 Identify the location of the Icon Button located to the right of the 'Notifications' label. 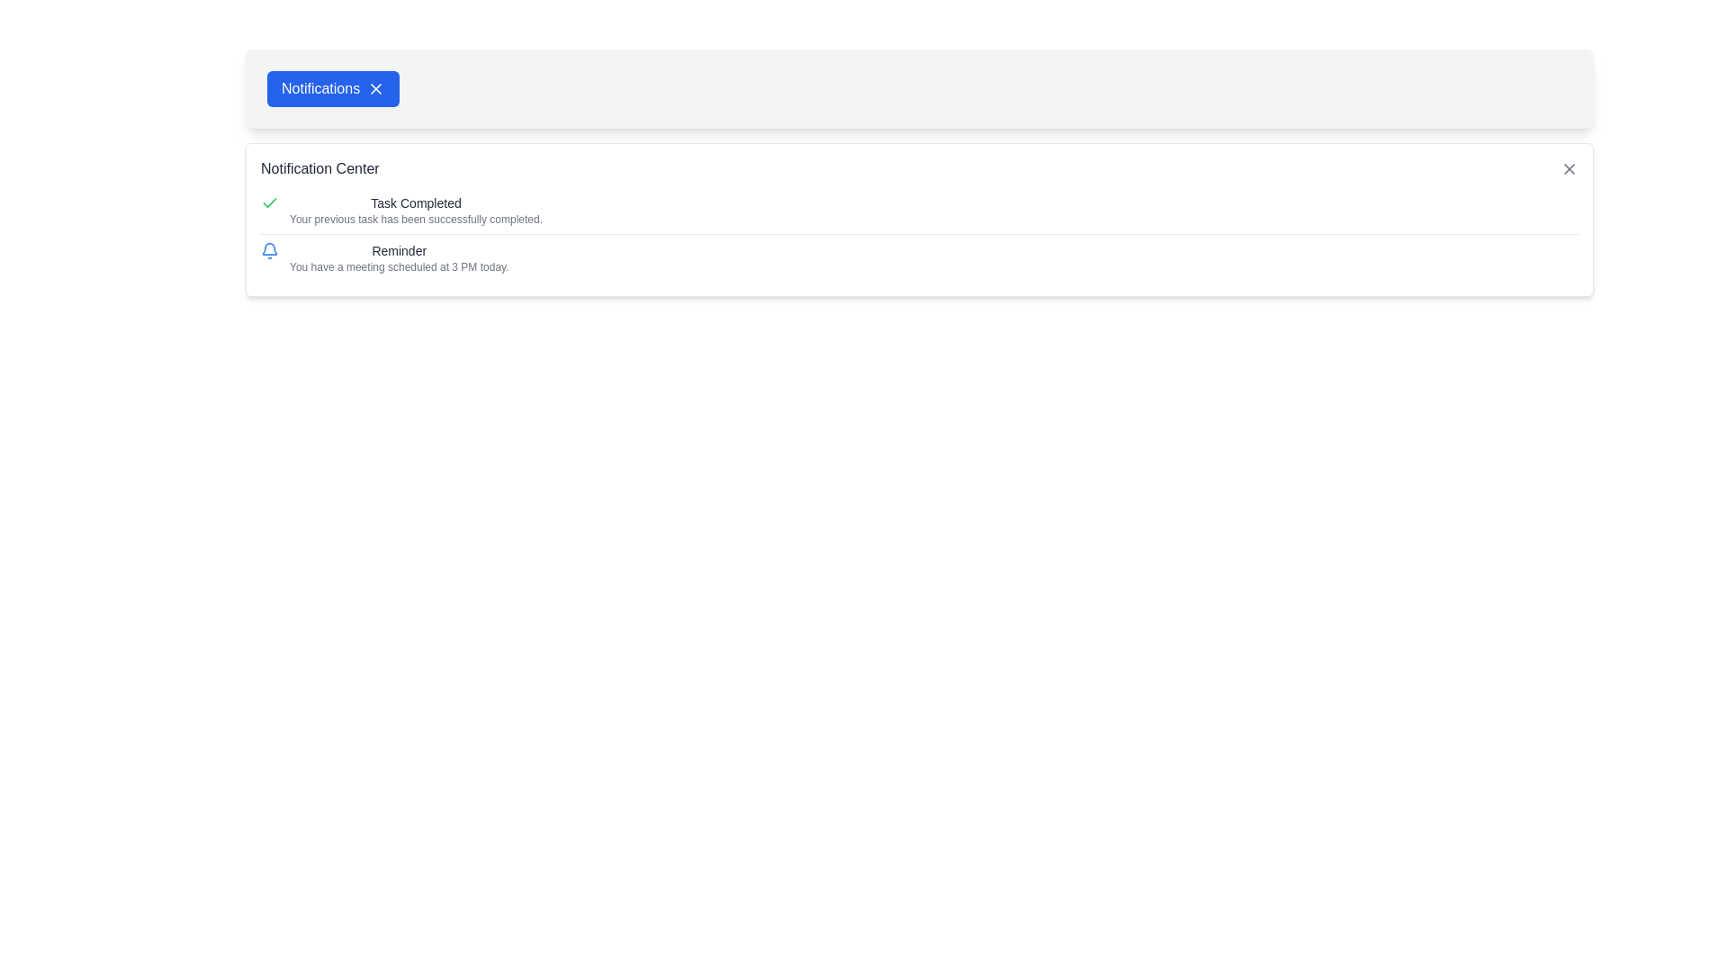
(375, 89).